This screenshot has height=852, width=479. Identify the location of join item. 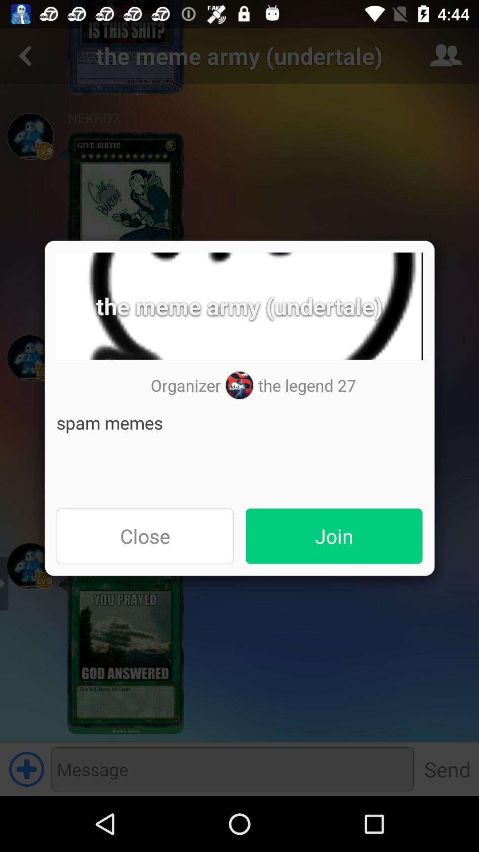
(334, 536).